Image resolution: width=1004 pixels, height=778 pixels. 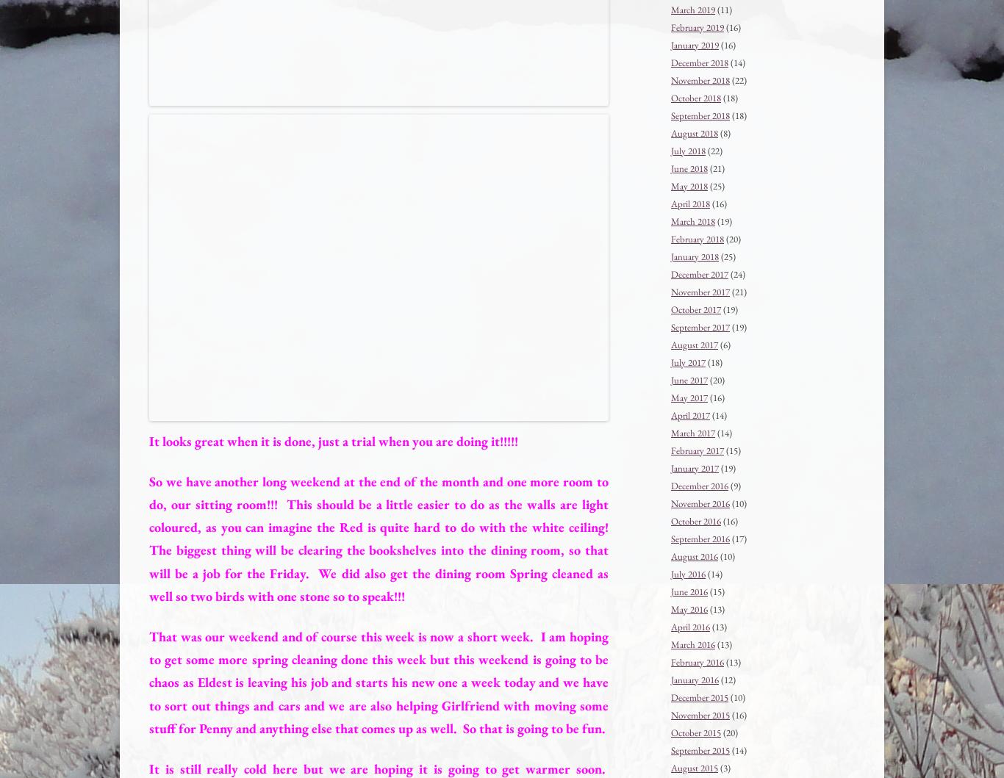 What do you see at coordinates (671, 149) in the screenshot?
I see `'July 2018'` at bounding box center [671, 149].